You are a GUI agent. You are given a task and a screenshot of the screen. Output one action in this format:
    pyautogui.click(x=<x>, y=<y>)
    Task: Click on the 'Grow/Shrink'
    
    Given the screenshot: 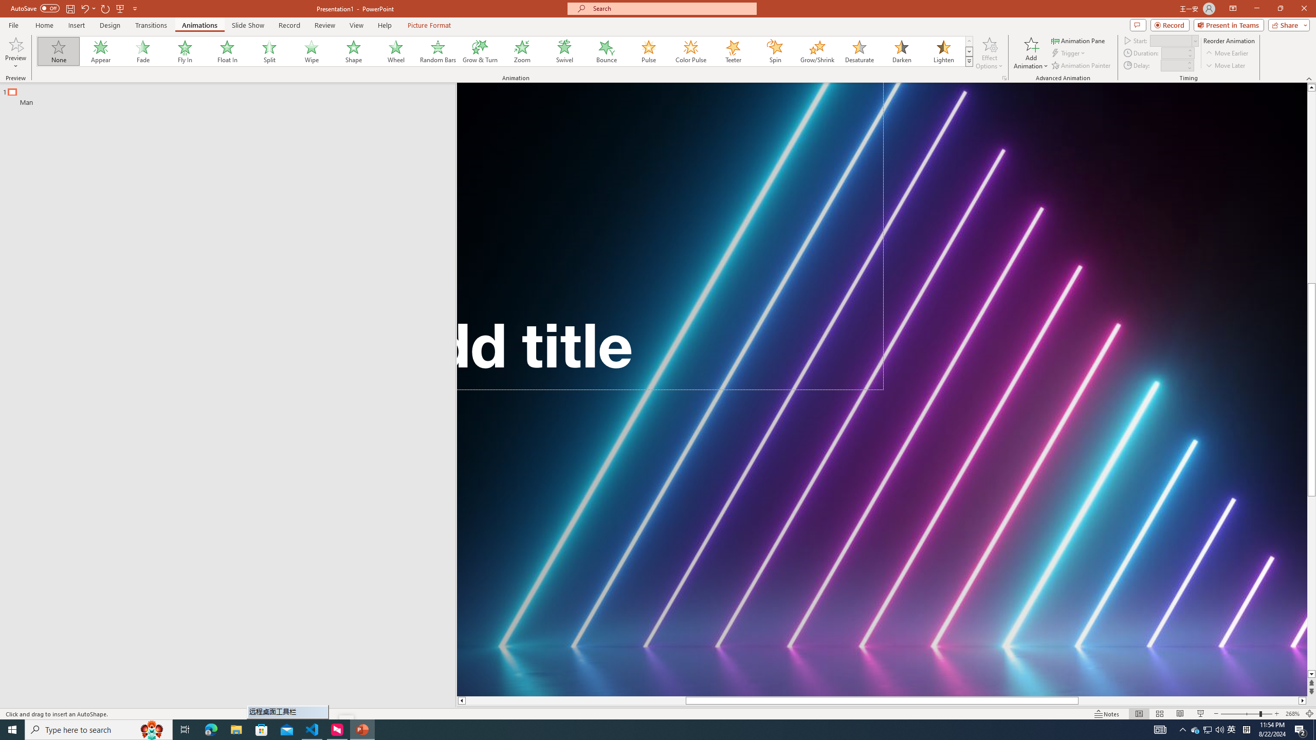 What is the action you would take?
    pyautogui.click(x=817, y=51)
    